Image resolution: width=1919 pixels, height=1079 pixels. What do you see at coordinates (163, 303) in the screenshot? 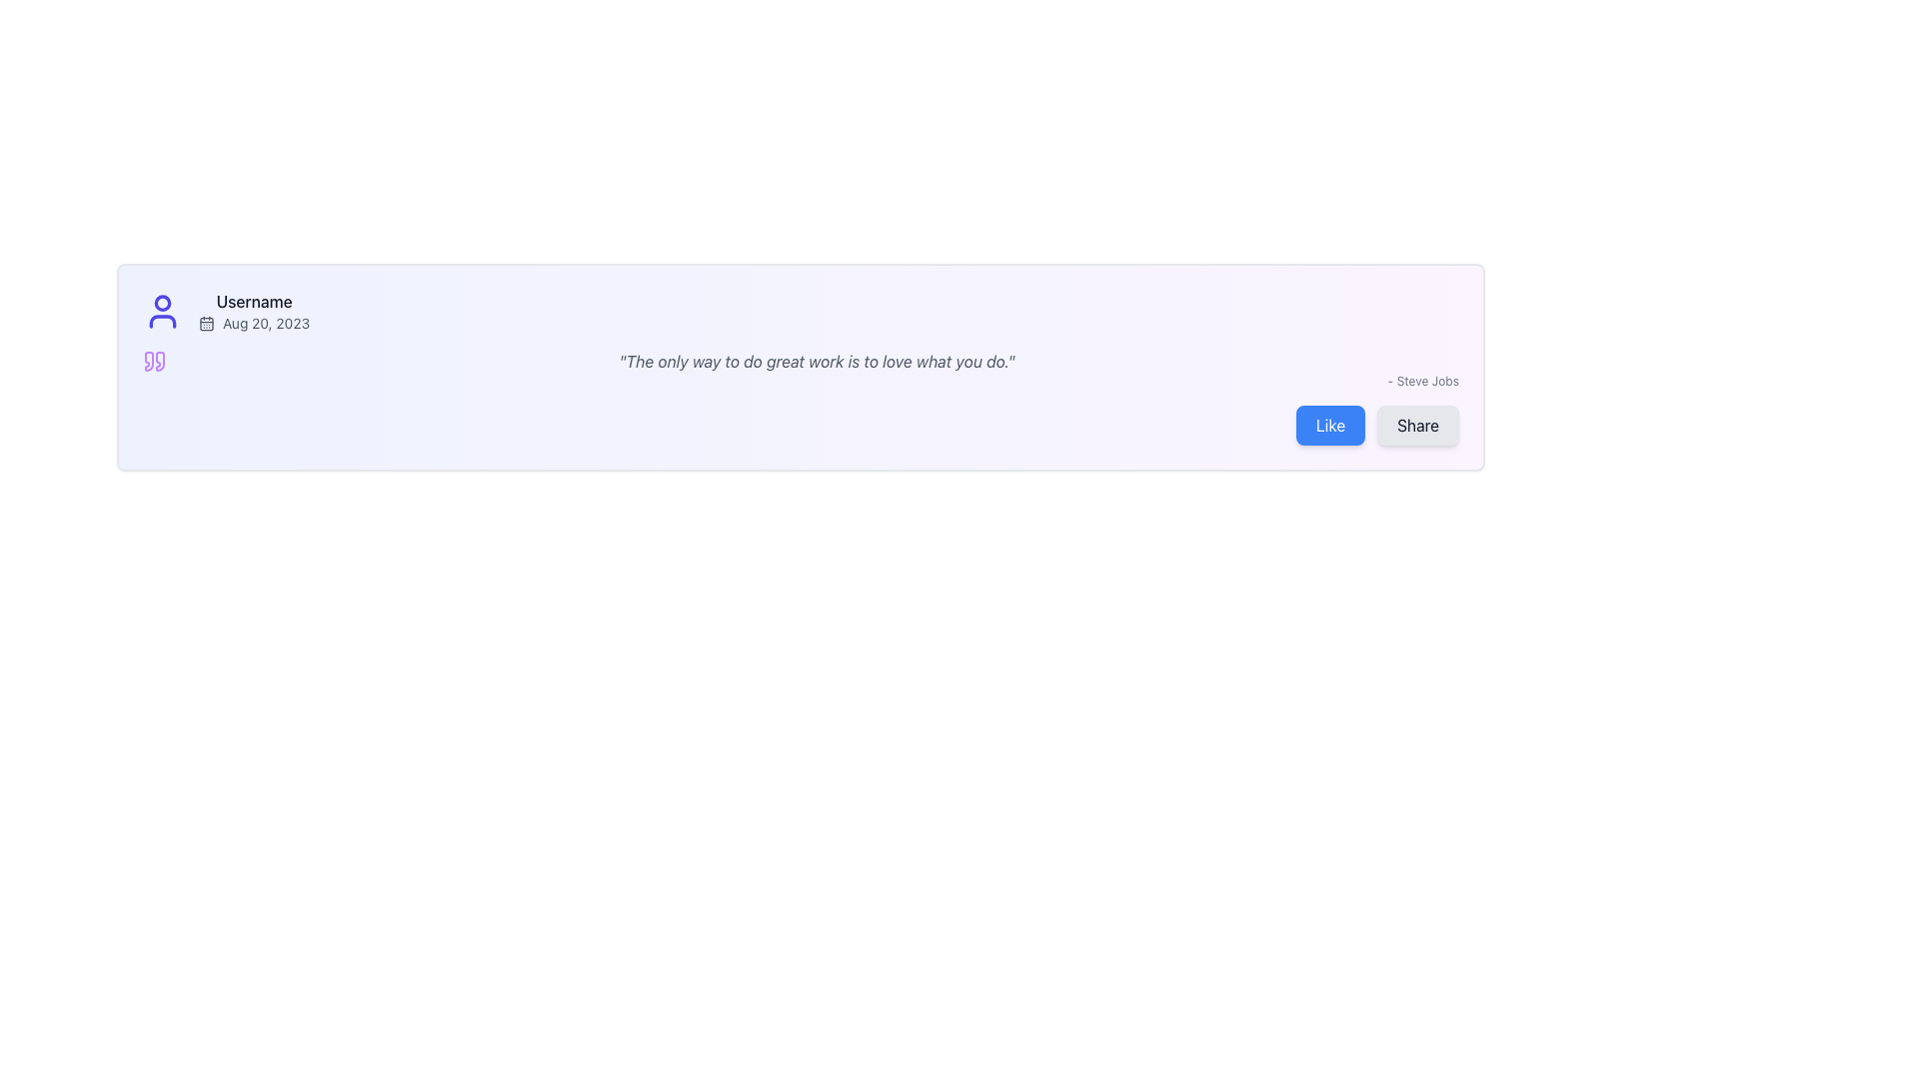
I see `the Circle SVG shape that represents the head of the avatar icon, which is part of the user's avatar graphic` at bounding box center [163, 303].